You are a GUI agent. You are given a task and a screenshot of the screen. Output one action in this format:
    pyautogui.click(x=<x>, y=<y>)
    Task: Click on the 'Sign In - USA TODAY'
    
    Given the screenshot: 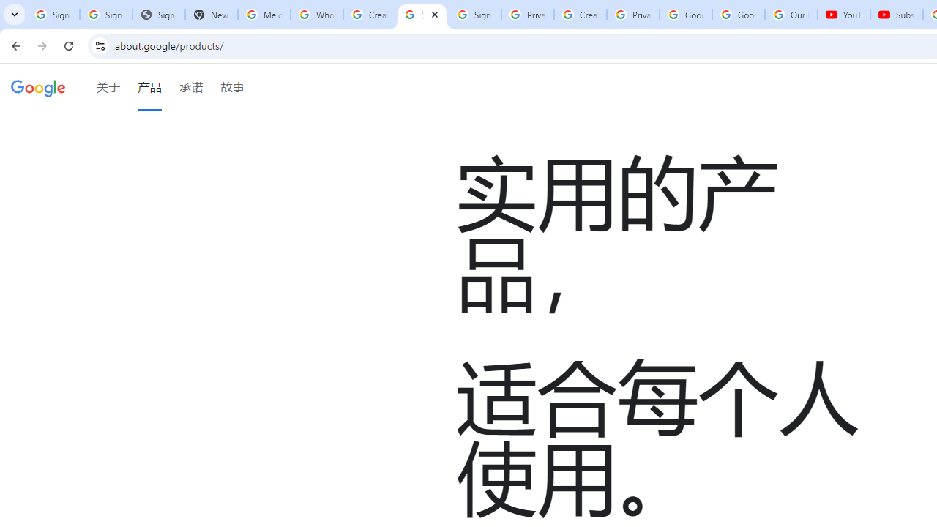 What is the action you would take?
    pyautogui.click(x=158, y=15)
    